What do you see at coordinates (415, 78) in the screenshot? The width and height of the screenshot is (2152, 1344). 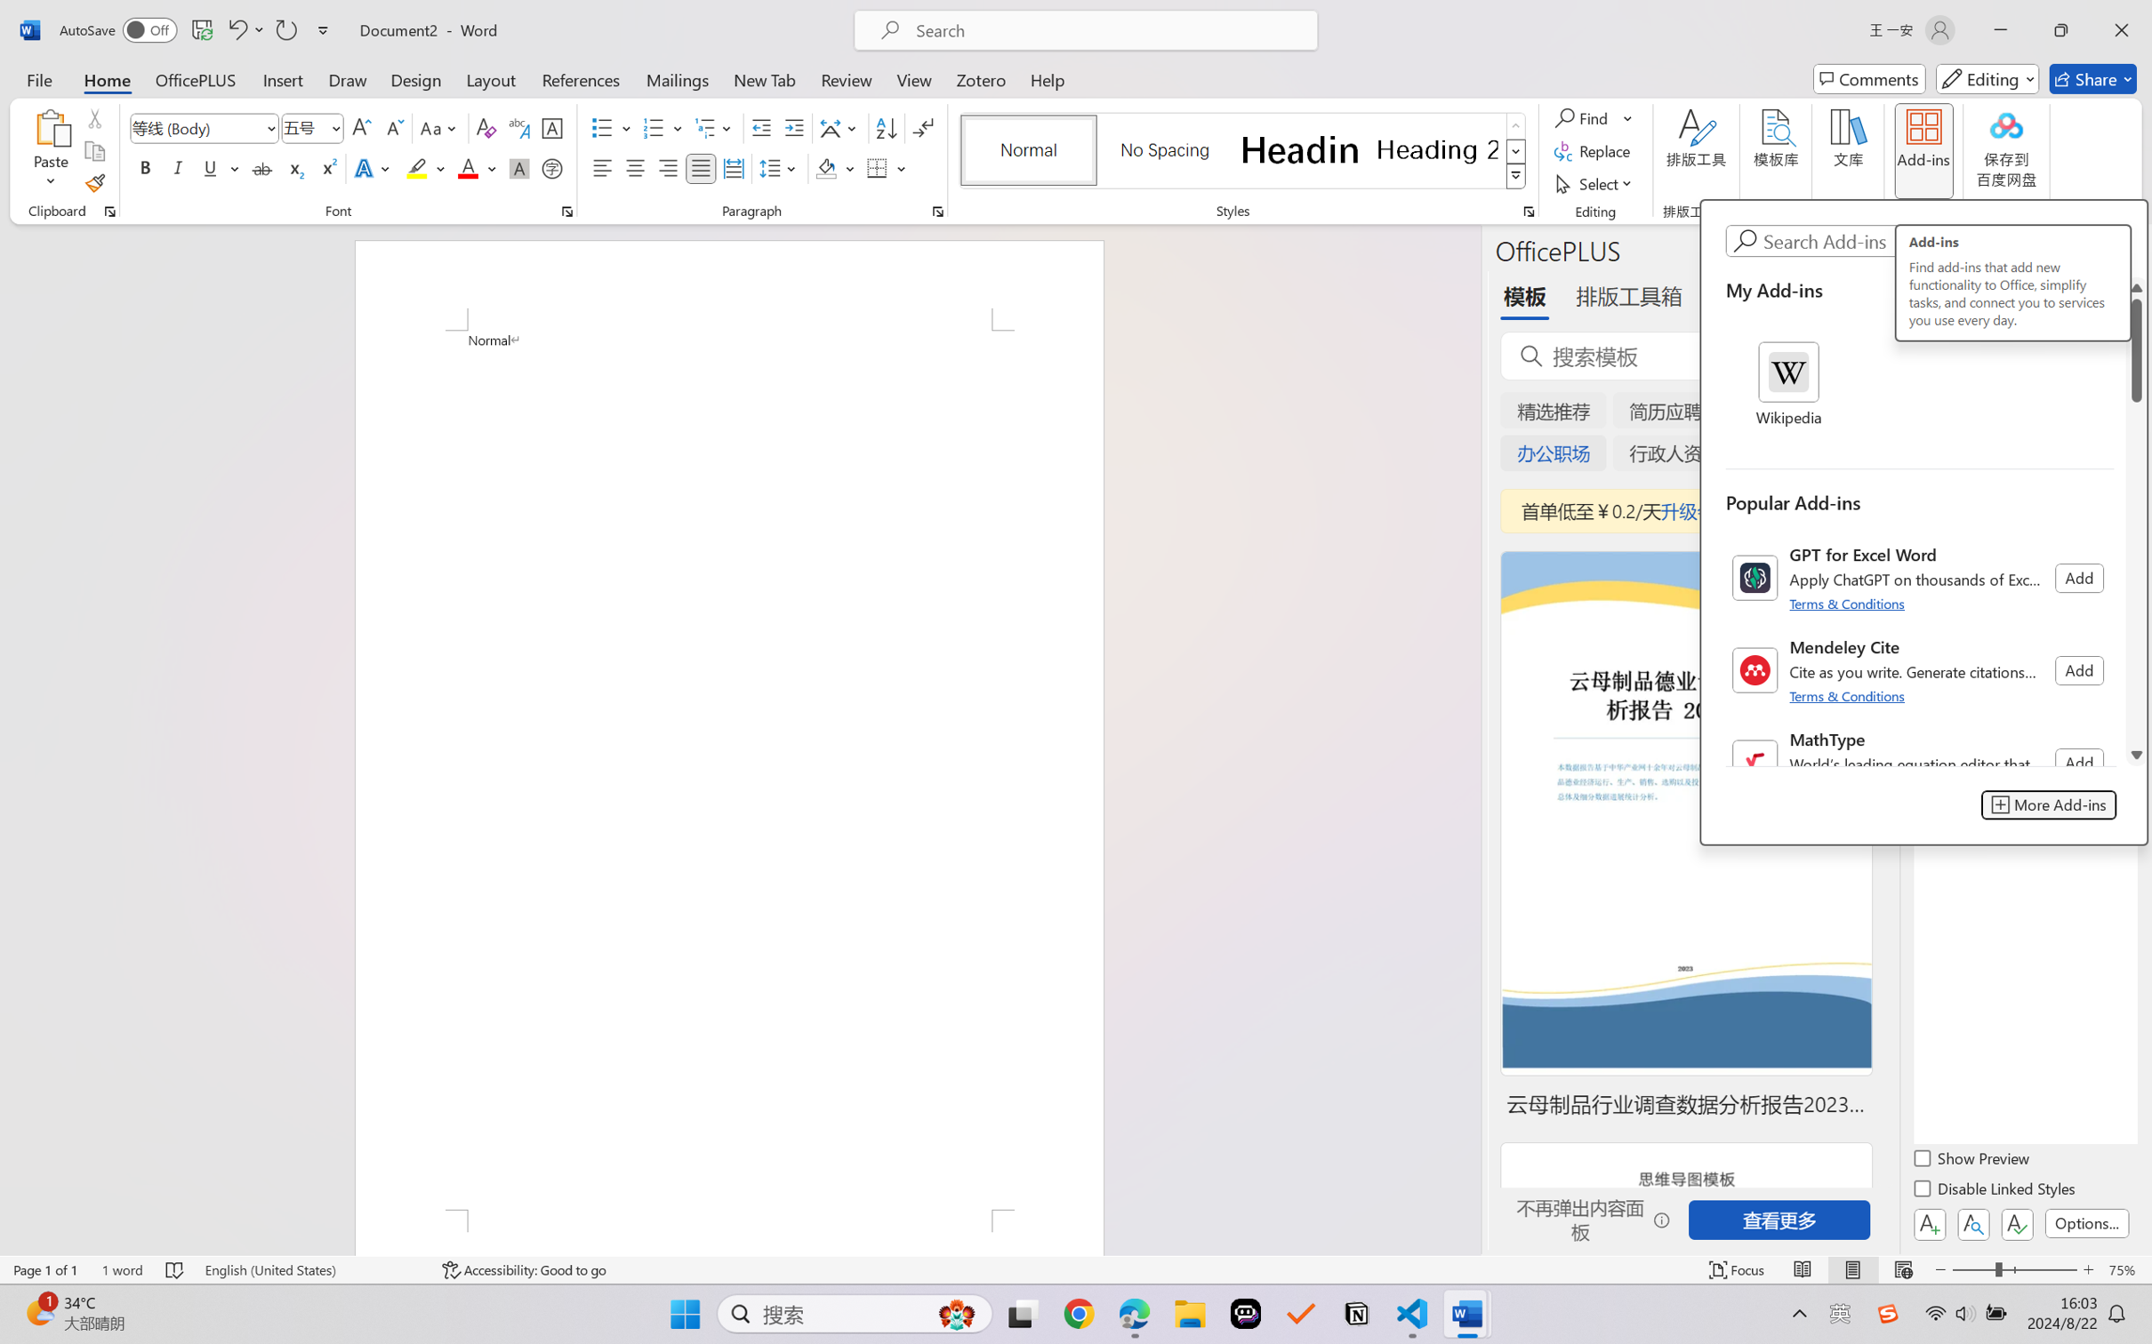 I see `'Design'` at bounding box center [415, 78].